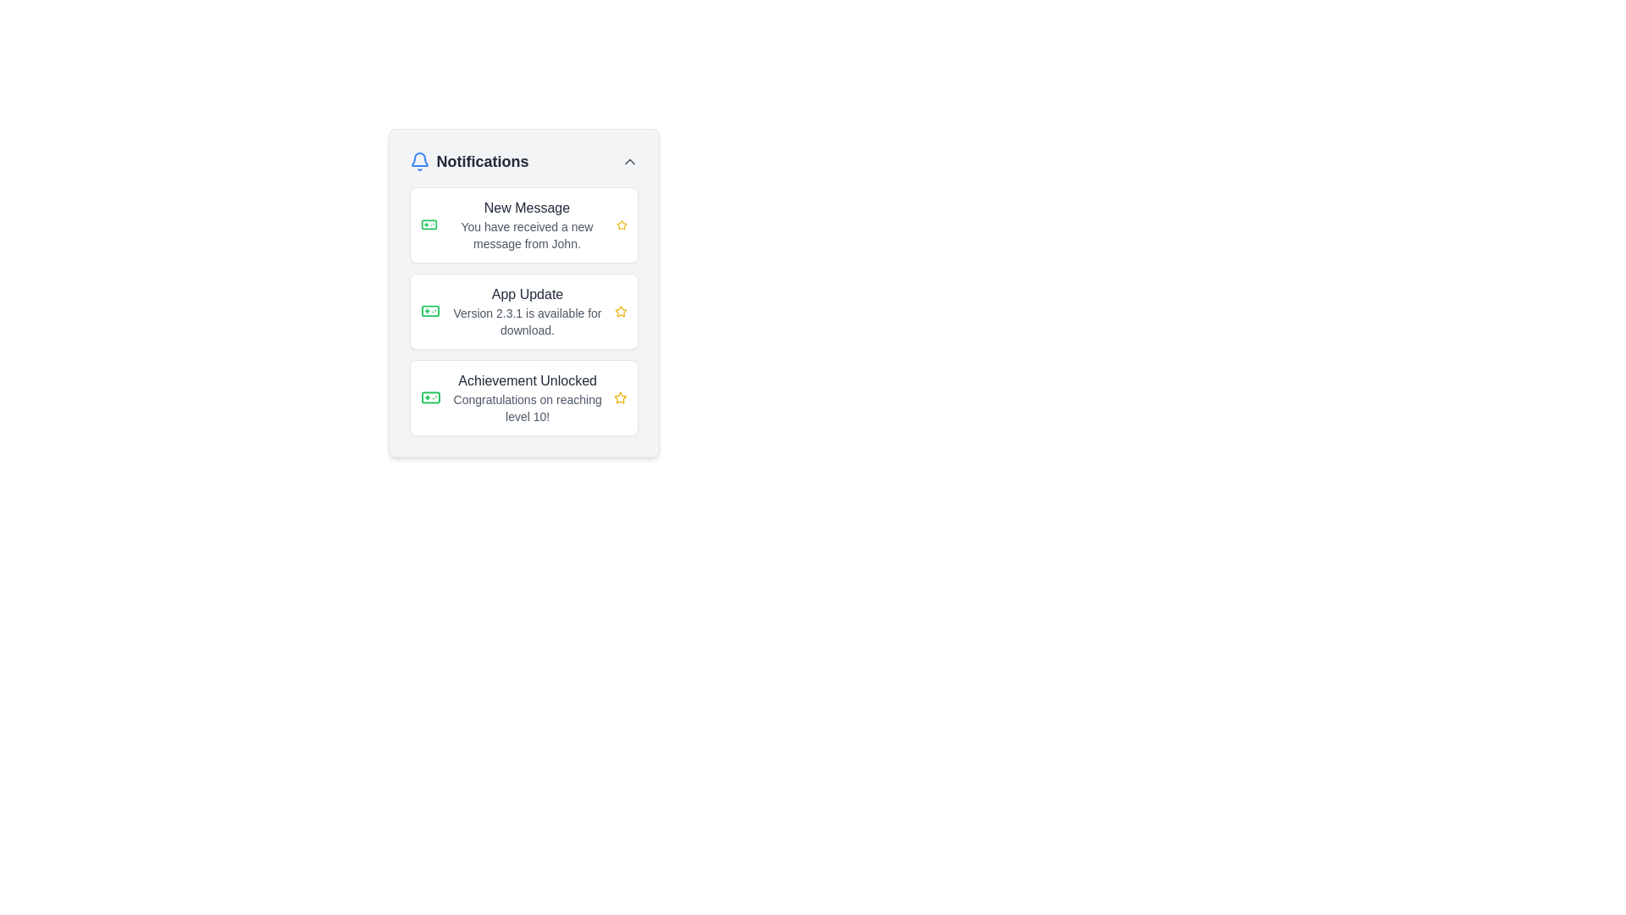 The image size is (1626, 915). Describe the element at coordinates (523, 311) in the screenshot. I see `the second notification card in the notification panel, which informs the user about update availability and version number` at that location.